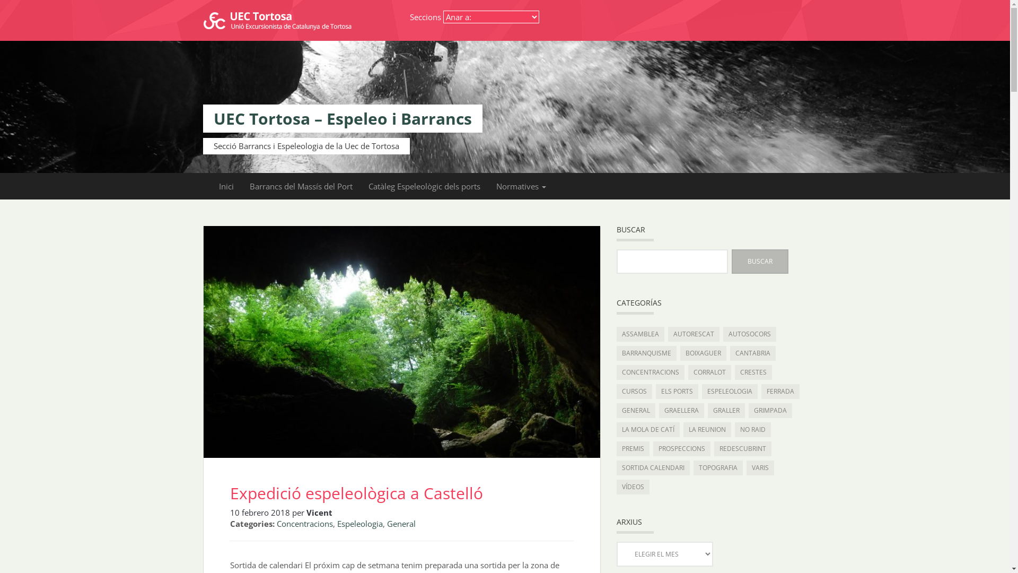 Image resolution: width=1018 pixels, height=573 pixels. I want to click on 'BARRANQUISME', so click(645, 353).